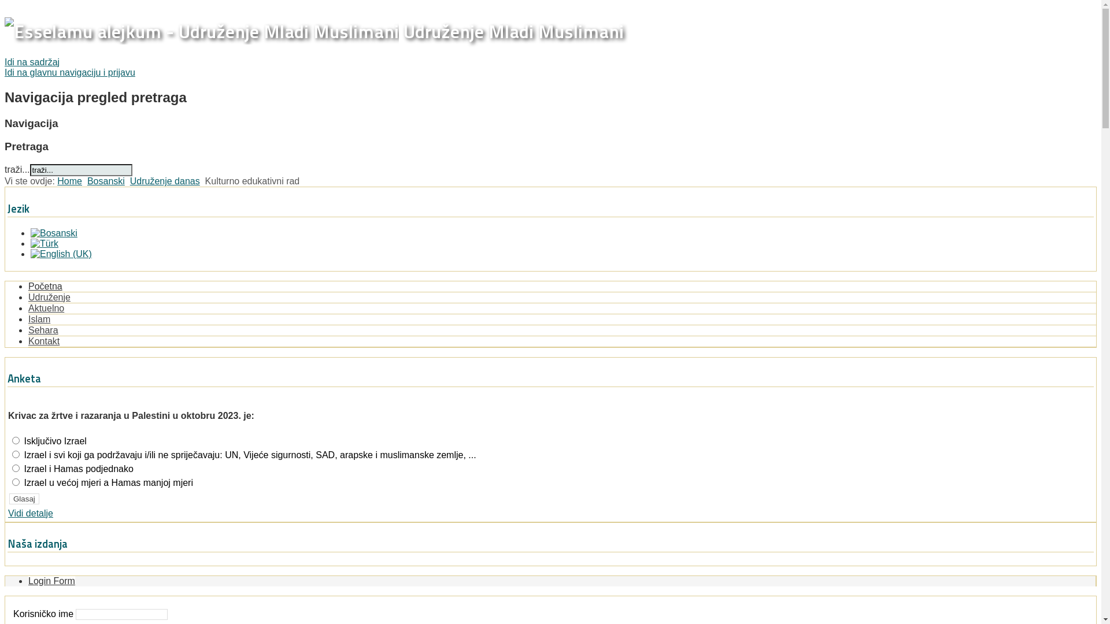 The height and width of the screenshot is (624, 1110). I want to click on 'Islam', so click(28, 319).